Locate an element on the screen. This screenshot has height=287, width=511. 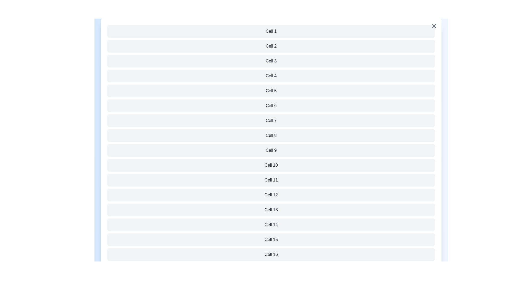
the close button to close the dialog is located at coordinates (434, 26).